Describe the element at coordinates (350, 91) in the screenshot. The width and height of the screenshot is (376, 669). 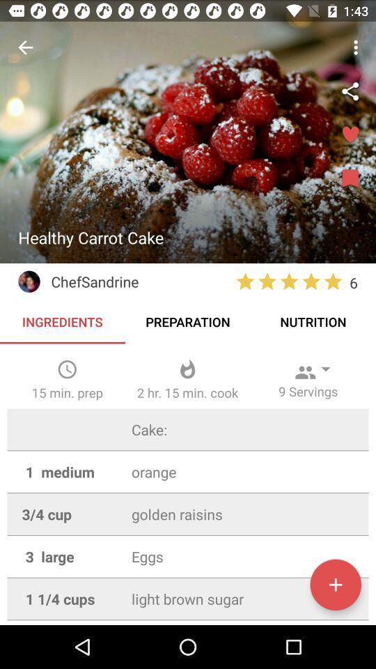
I see `share the recipe` at that location.